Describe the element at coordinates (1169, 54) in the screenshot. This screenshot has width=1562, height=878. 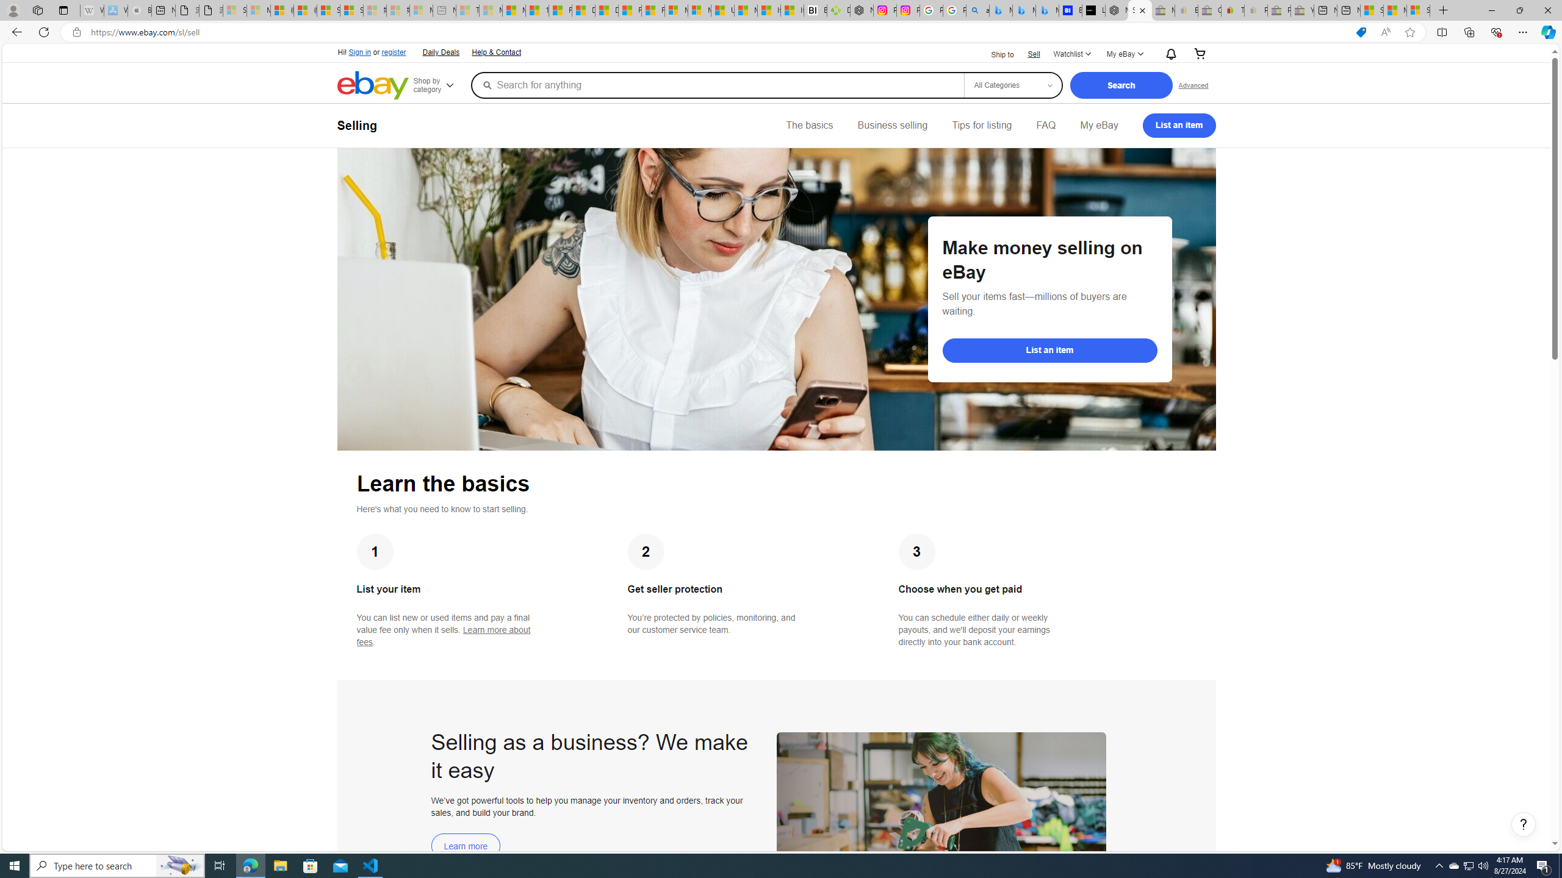
I see `'AutomationID: gh-eb-Alerts'` at that location.